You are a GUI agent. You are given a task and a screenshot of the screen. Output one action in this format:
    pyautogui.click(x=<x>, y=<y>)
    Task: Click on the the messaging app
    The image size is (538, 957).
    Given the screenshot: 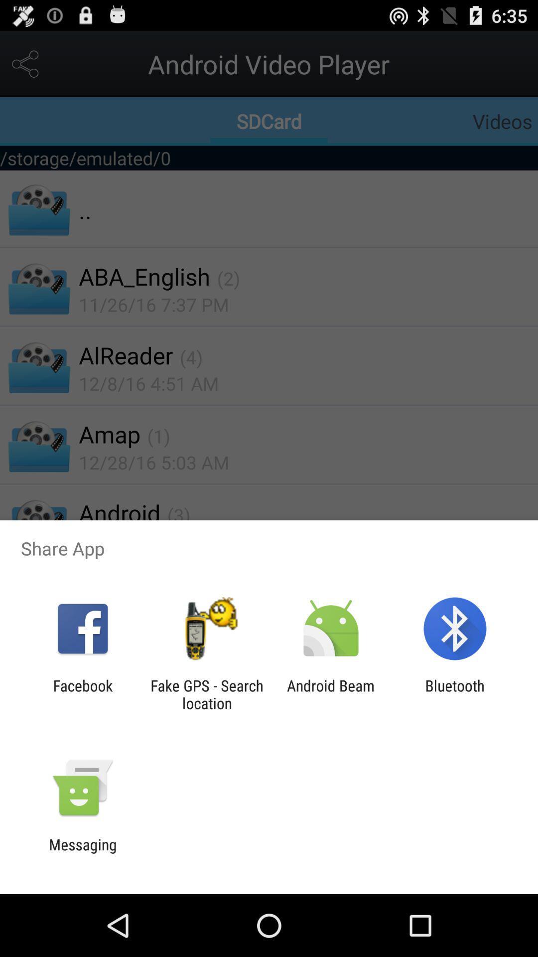 What is the action you would take?
    pyautogui.click(x=82, y=853)
    